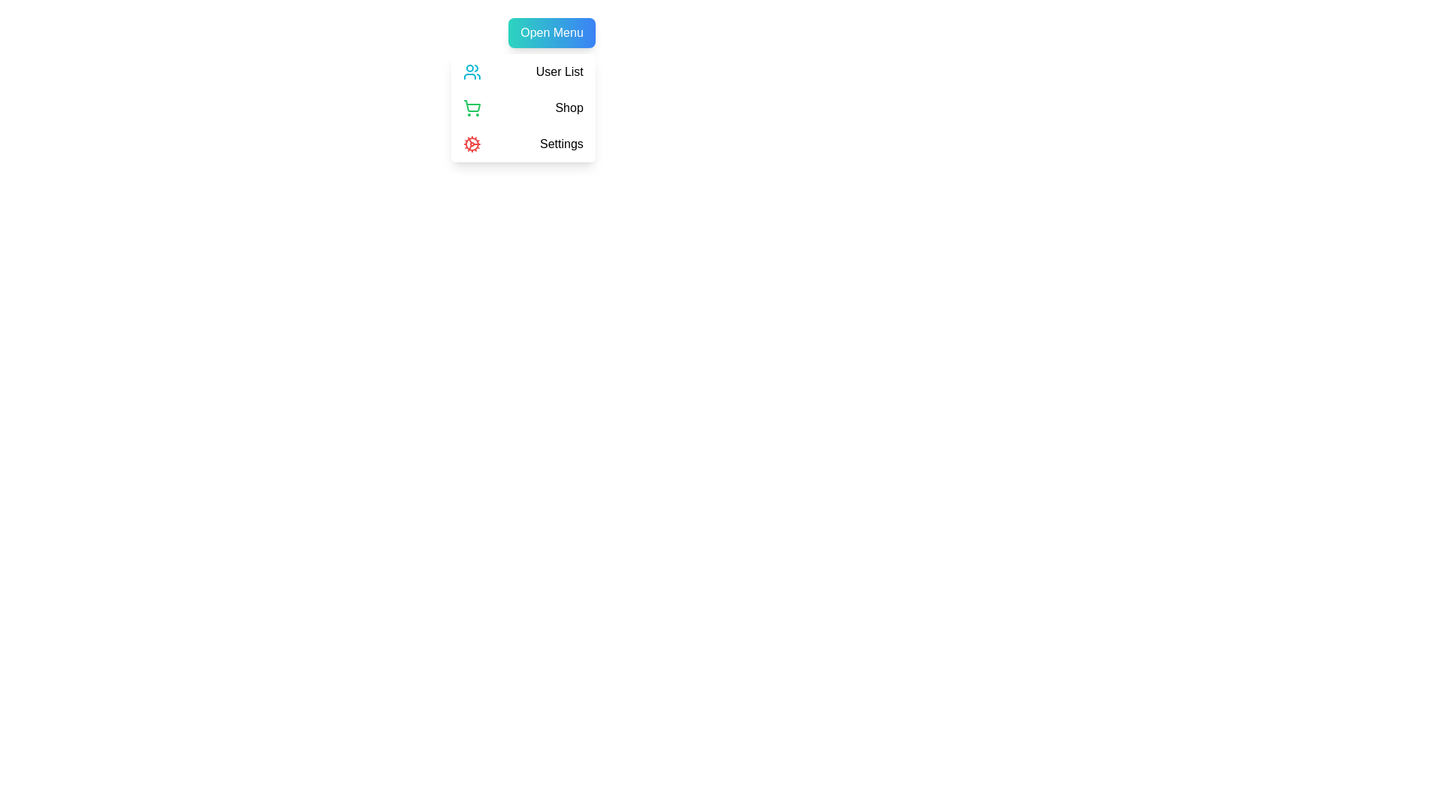 Image resolution: width=1444 pixels, height=812 pixels. What do you see at coordinates (523, 72) in the screenshot?
I see `the 'User List' option in the menu` at bounding box center [523, 72].